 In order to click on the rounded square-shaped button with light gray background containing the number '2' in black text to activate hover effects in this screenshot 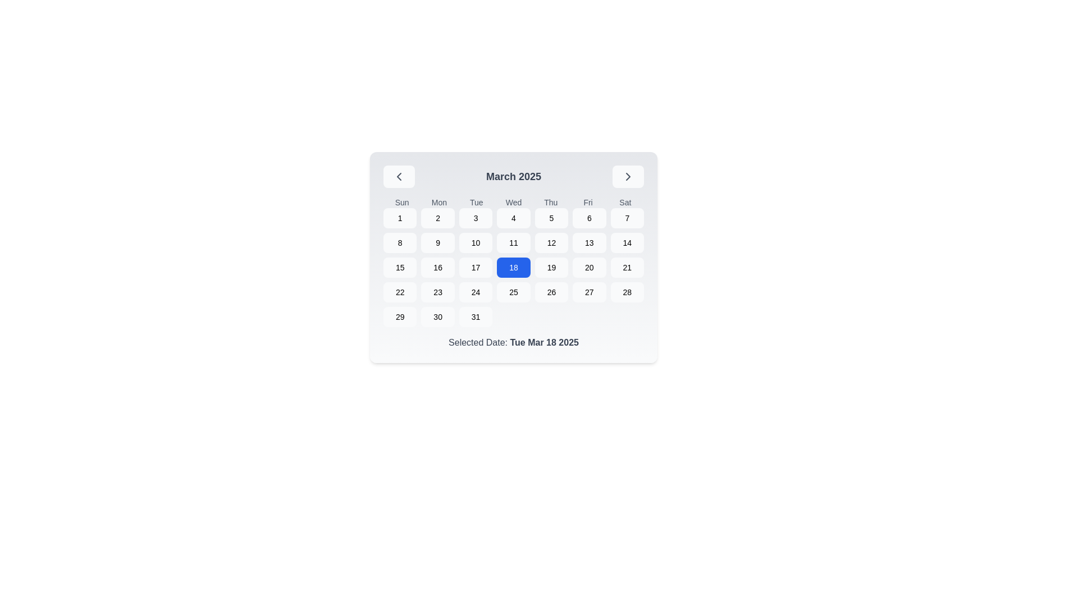, I will do `click(437, 218)`.